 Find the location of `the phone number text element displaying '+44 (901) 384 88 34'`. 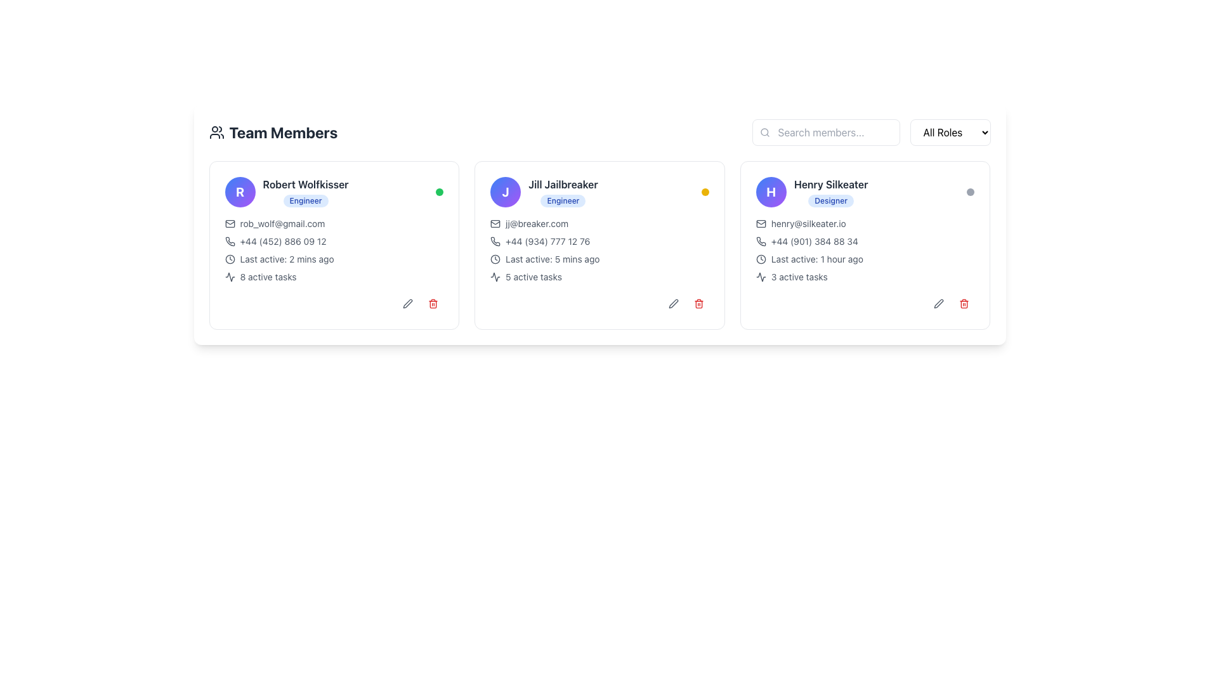

the phone number text element displaying '+44 (901) 384 88 34' is located at coordinates (814, 242).